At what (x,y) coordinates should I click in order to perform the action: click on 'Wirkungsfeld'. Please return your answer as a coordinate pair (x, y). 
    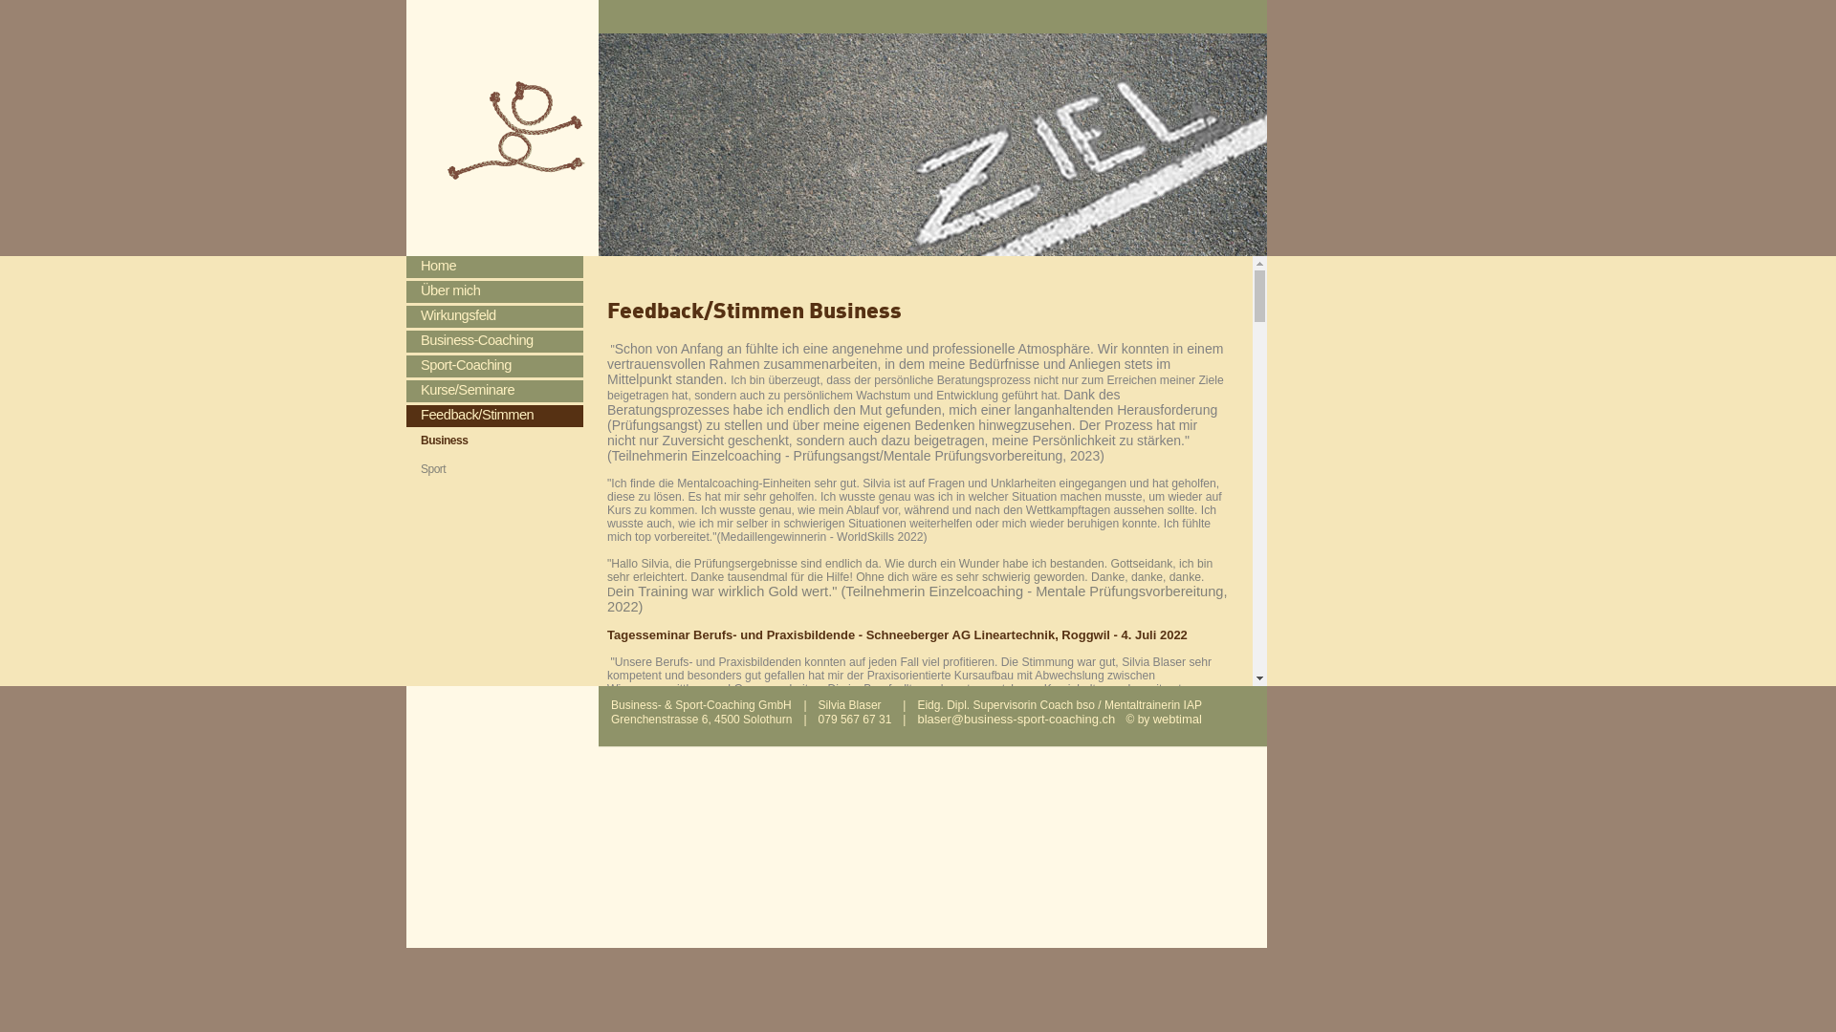
    Looking at the image, I should click on (494, 315).